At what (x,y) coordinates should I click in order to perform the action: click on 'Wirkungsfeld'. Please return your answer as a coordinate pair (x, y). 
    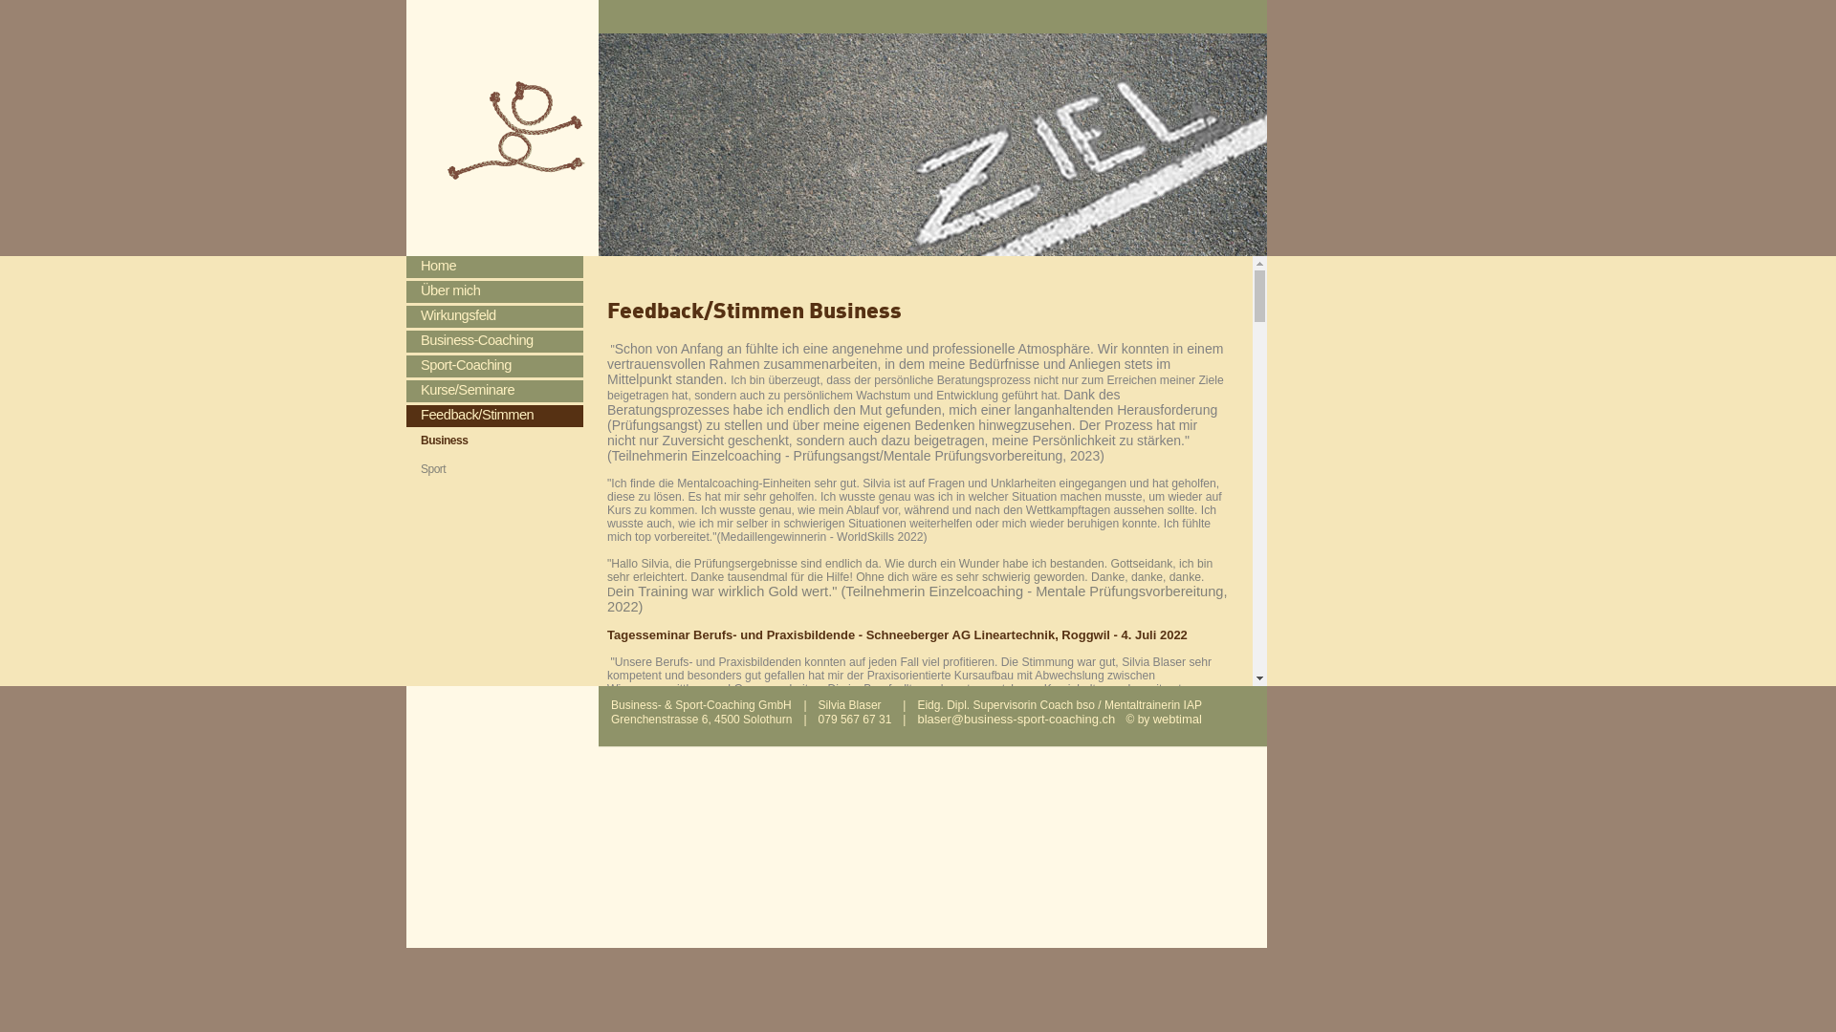
    Looking at the image, I should click on (494, 315).